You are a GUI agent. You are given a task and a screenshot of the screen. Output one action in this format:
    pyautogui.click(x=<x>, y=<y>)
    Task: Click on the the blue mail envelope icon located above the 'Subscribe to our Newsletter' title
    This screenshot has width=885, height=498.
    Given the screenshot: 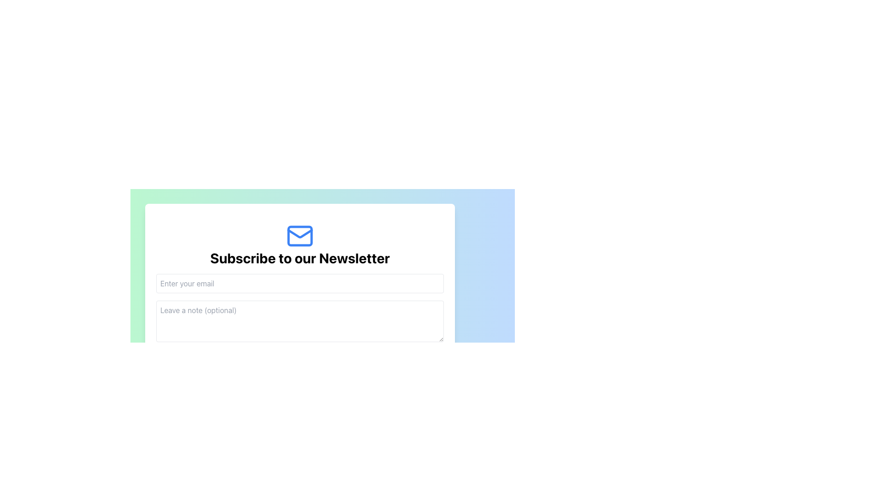 What is the action you would take?
    pyautogui.click(x=300, y=236)
    